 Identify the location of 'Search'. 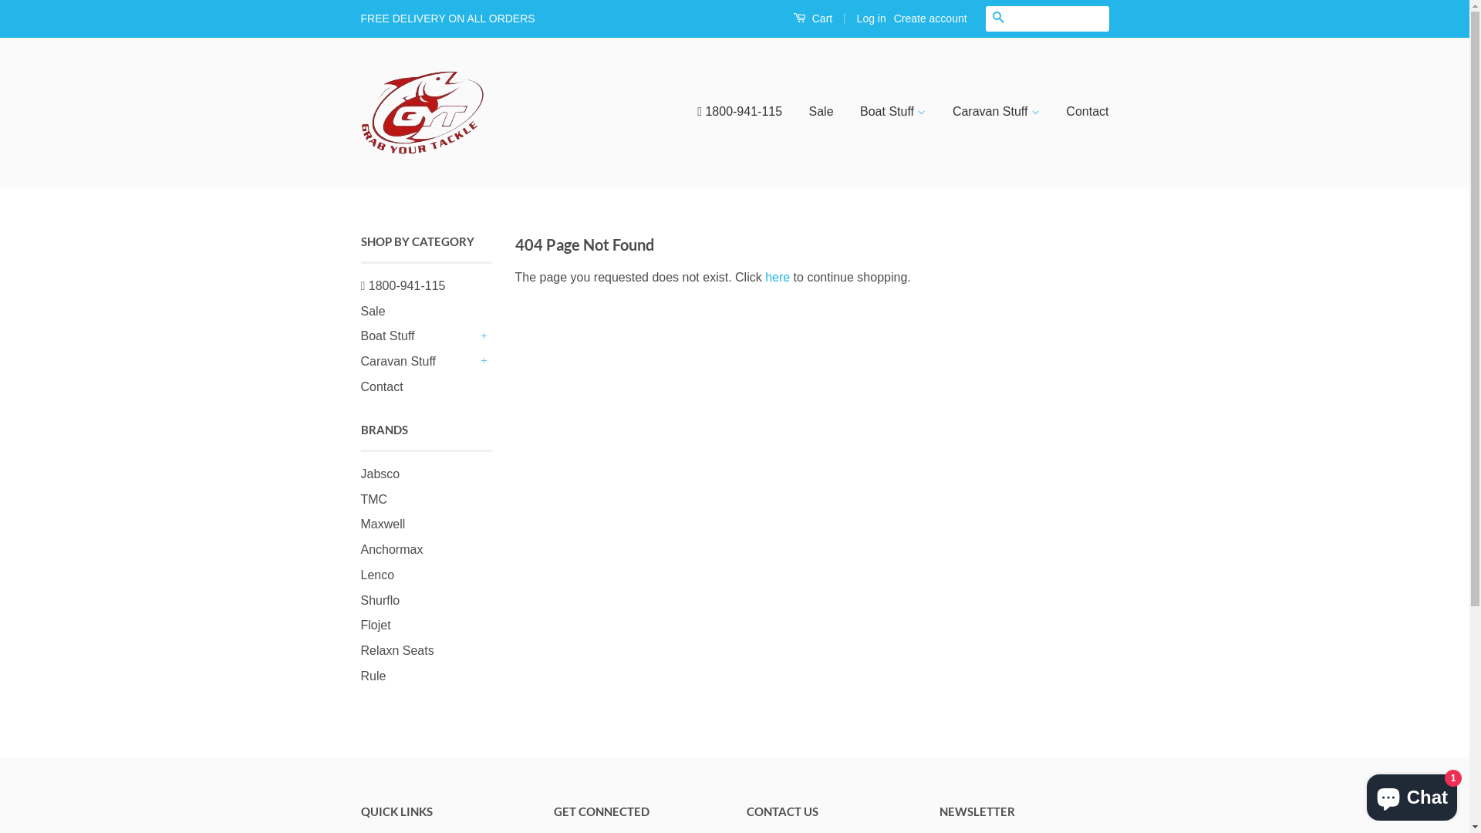
(998, 19).